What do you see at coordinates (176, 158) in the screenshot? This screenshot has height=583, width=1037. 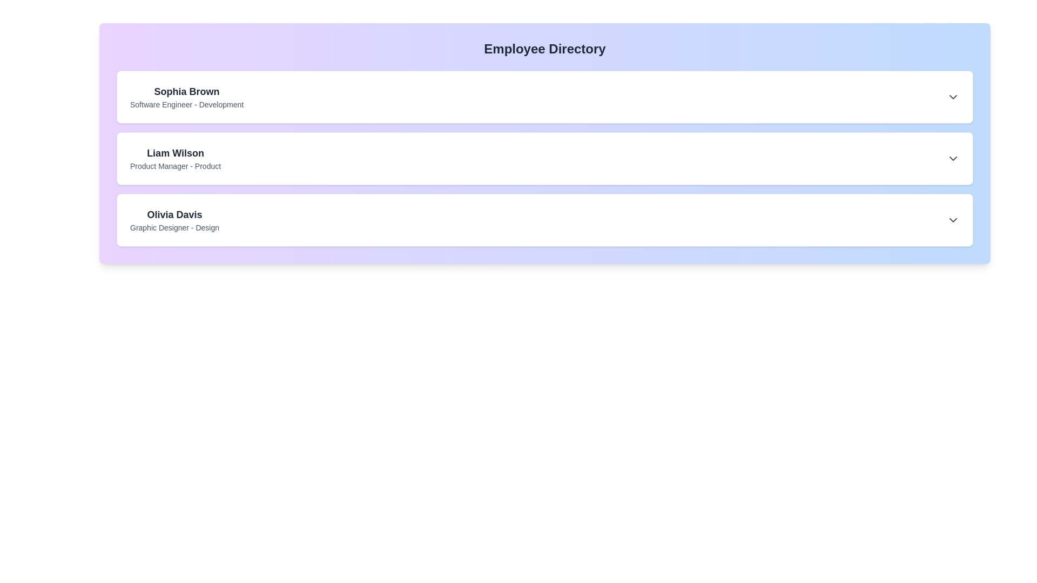 I see `text content of the Text block with name 'Liam Wilson' and title 'Product Manager - Product', located in the second card of a vertically stacked list in the middle of the page` at bounding box center [176, 158].